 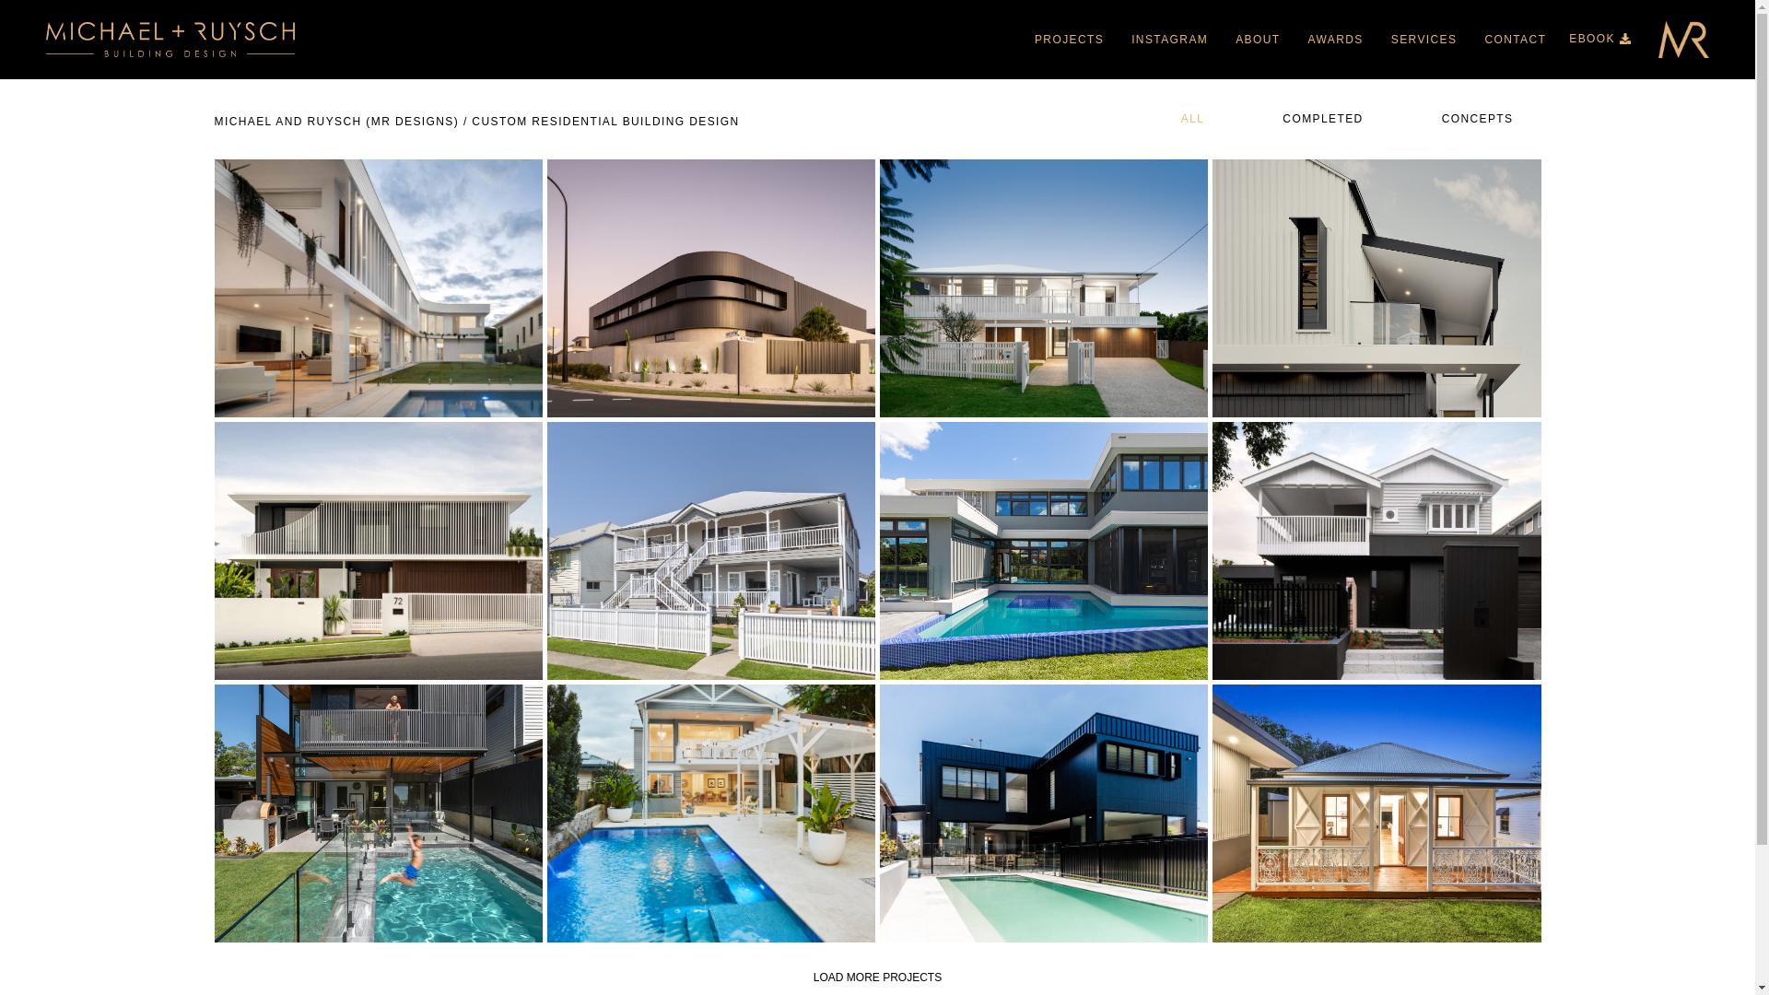 What do you see at coordinates (1515, 39) in the screenshot?
I see `'CONTACT'` at bounding box center [1515, 39].